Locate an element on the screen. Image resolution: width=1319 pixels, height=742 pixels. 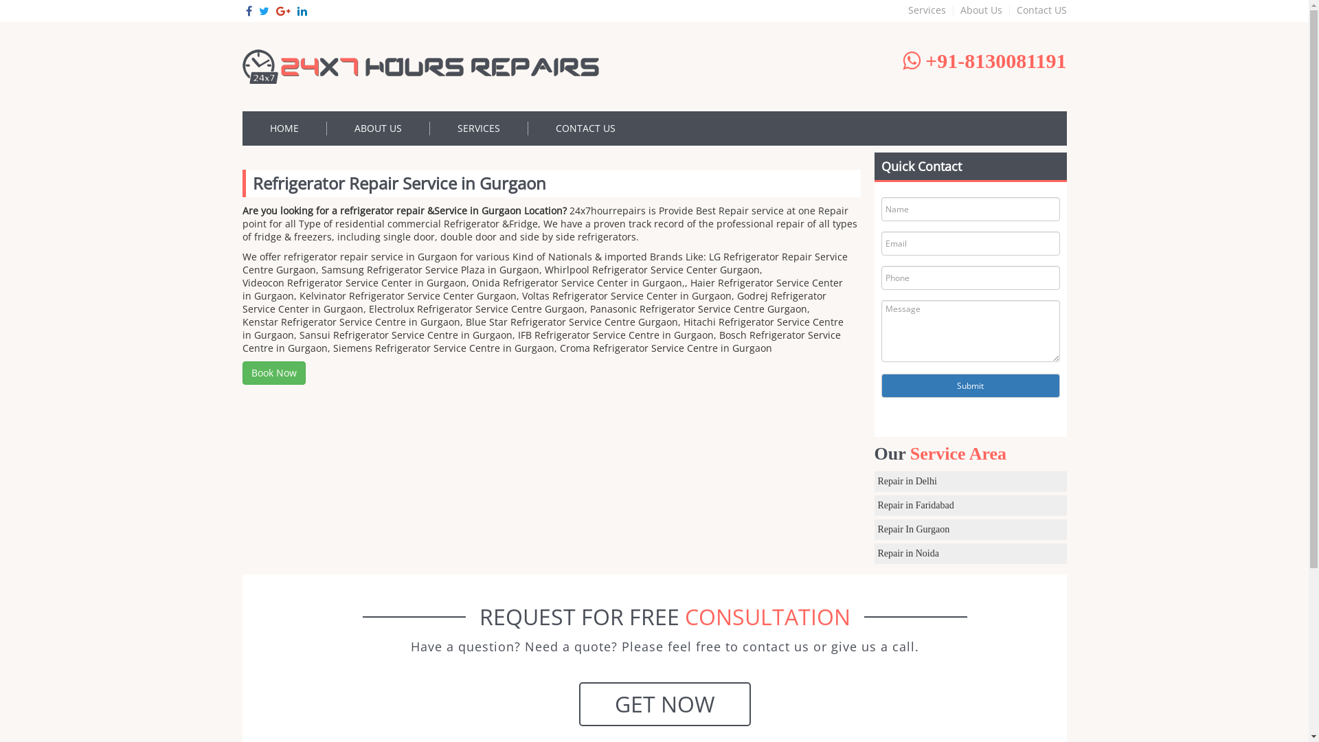
'ABOUT US' is located at coordinates (326, 128).